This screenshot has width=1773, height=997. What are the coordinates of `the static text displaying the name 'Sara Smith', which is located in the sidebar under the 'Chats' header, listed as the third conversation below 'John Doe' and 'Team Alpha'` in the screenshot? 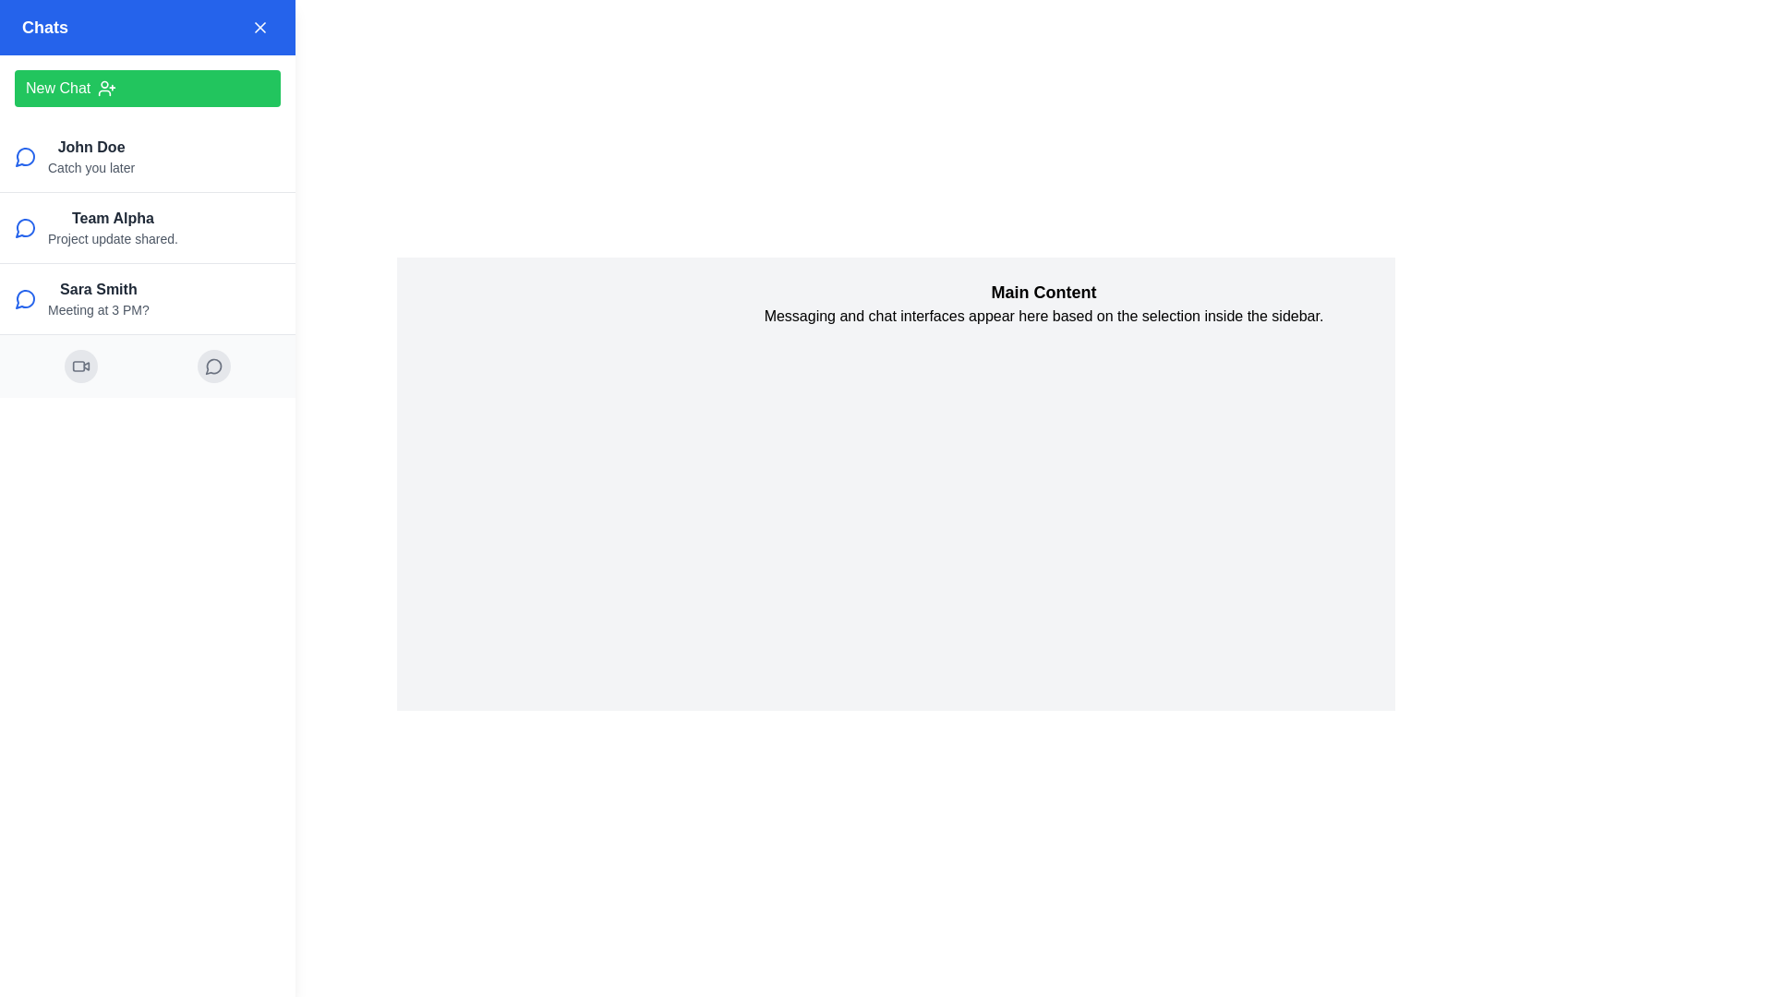 It's located at (97, 289).